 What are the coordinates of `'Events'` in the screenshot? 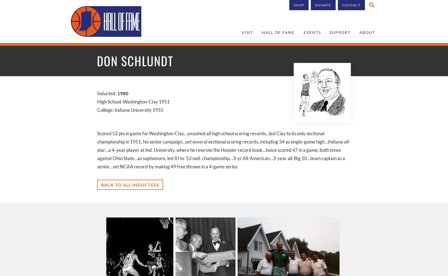 It's located at (312, 32).